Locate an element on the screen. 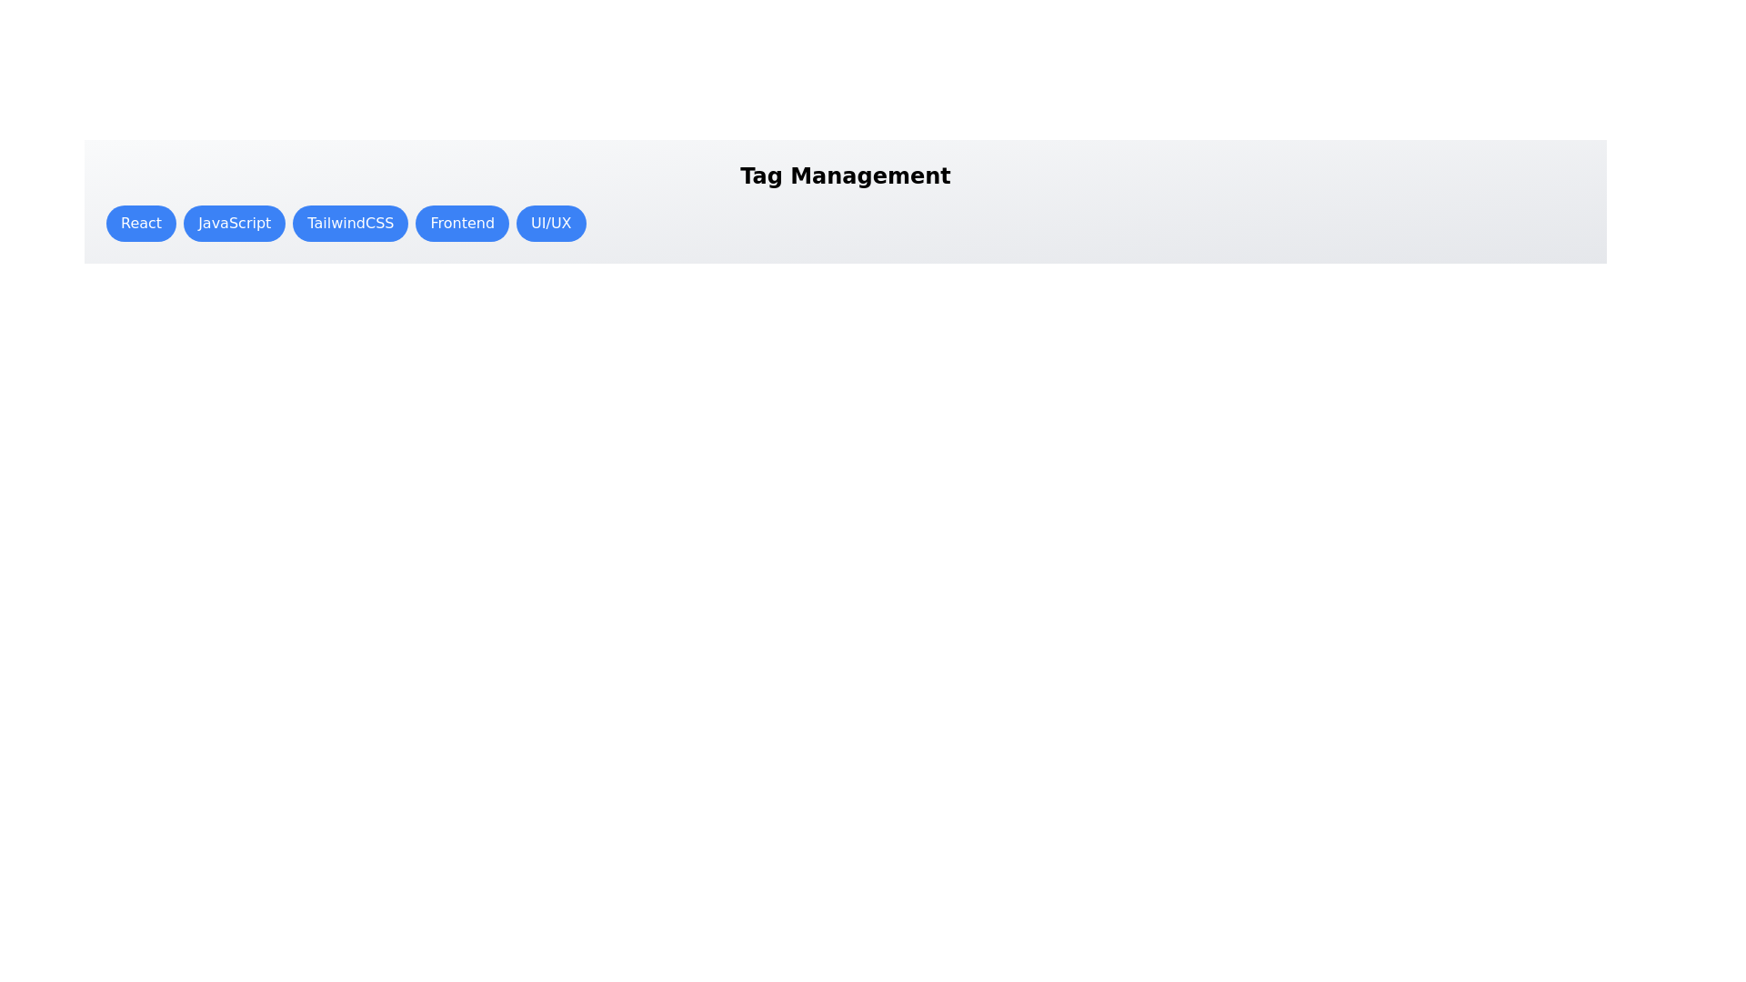  the tag button labeled React is located at coordinates (140, 223).